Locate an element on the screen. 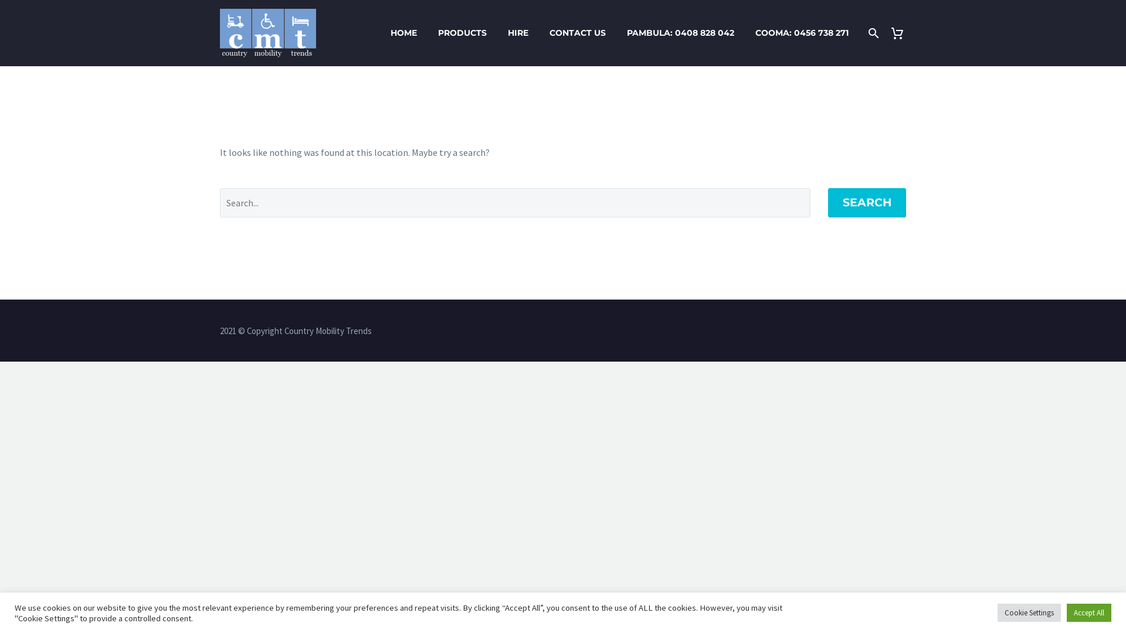 The width and height of the screenshot is (1126, 633). 'Cookie Settings' is located at coordinates (1029, 612).